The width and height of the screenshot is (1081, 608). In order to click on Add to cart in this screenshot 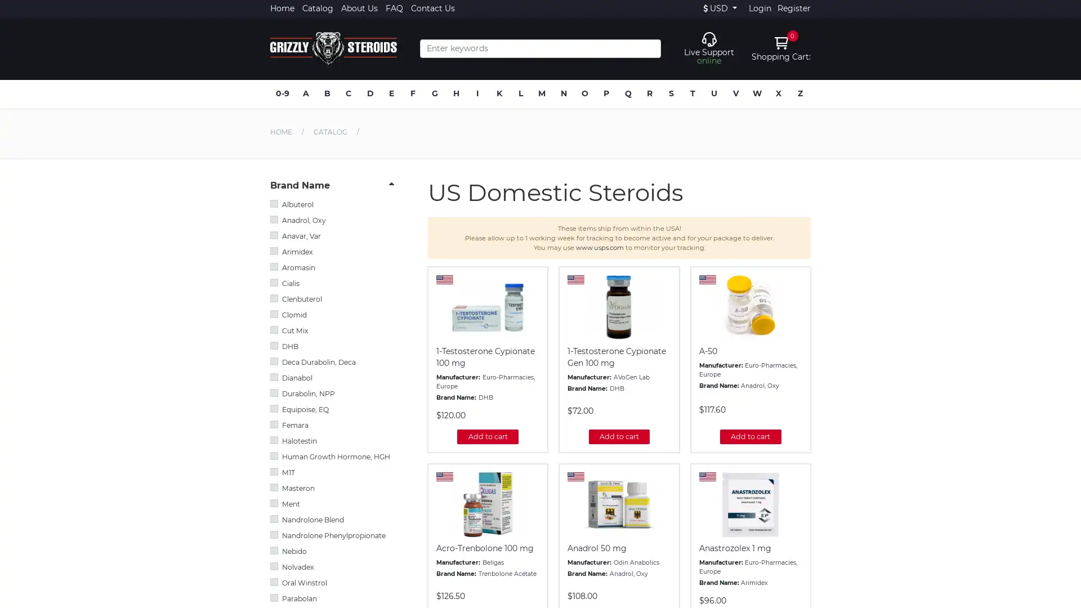, I will do `click(618, 436)`.